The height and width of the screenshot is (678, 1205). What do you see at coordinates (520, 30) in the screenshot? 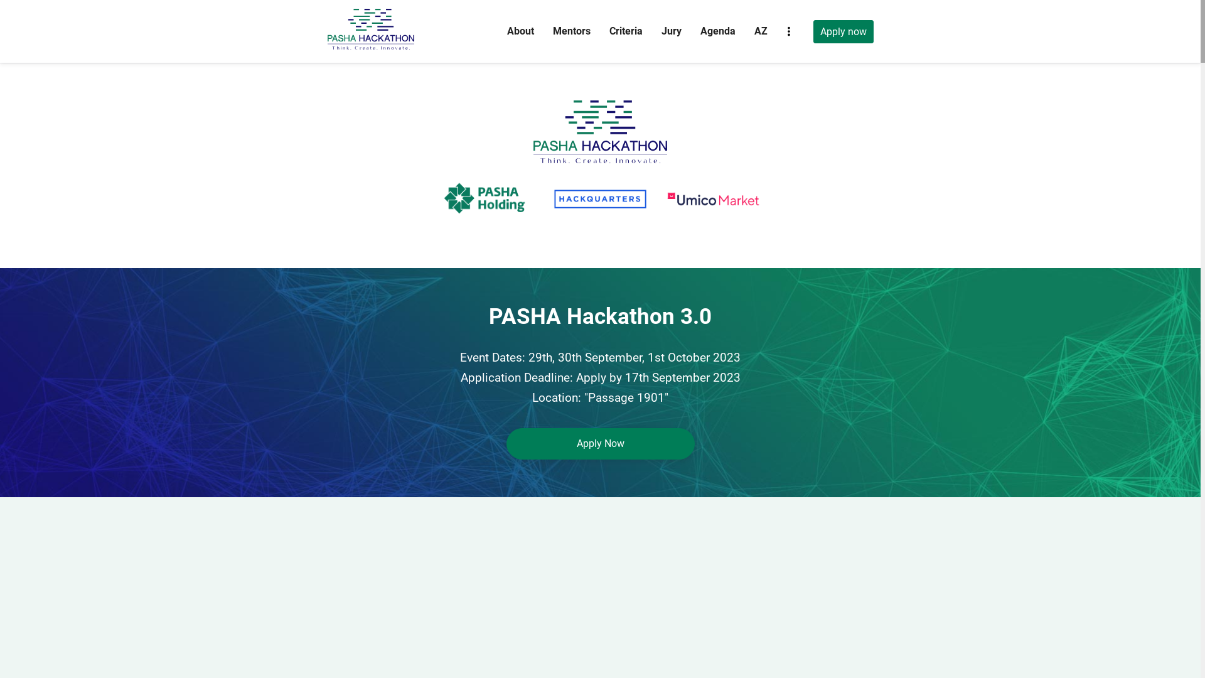
I see `'About'` at bounding box center [520, 30].